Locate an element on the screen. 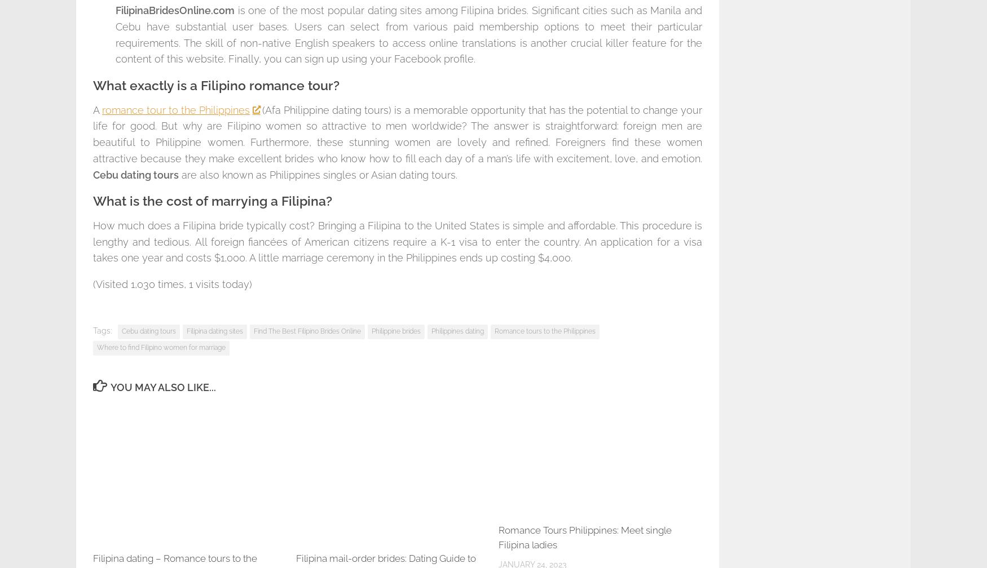 Image resolution: width=987 pixels, height=568 pixels. 'You may also like...' is located at coordinates (162, 387).